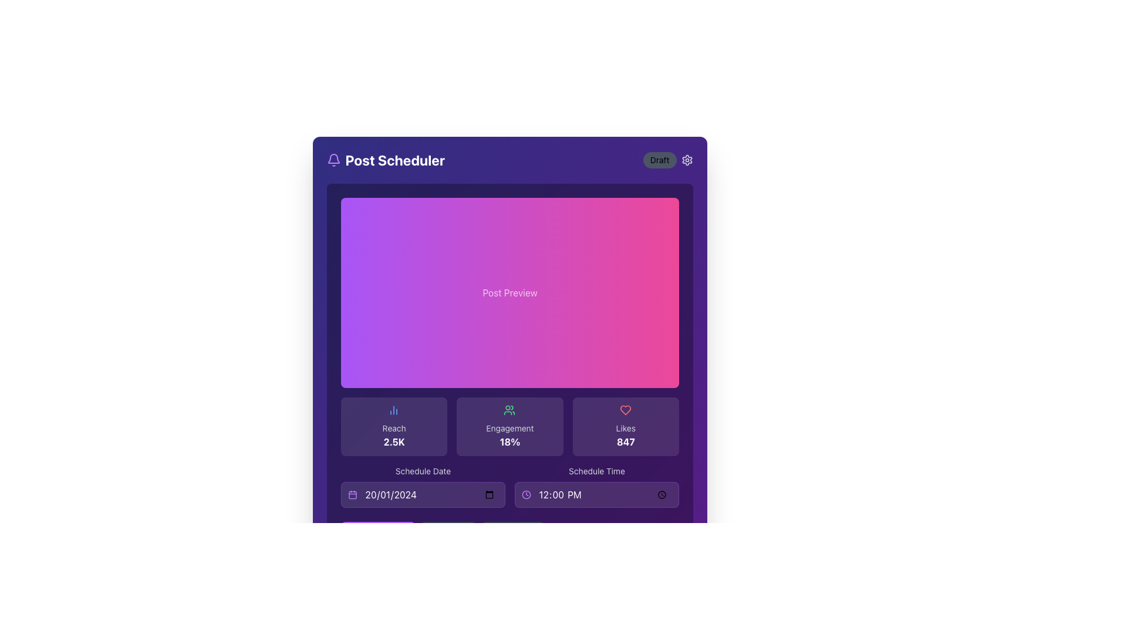 This screenshot has width=1127, height=634. What do you see at coordinates (625, 409) in the screenshot?
I see `the heart-shaped icon with a red hue, which is located above the 'Likes' label and value in the fourth segment of the bottom panel` at bounding box center [625, 409].